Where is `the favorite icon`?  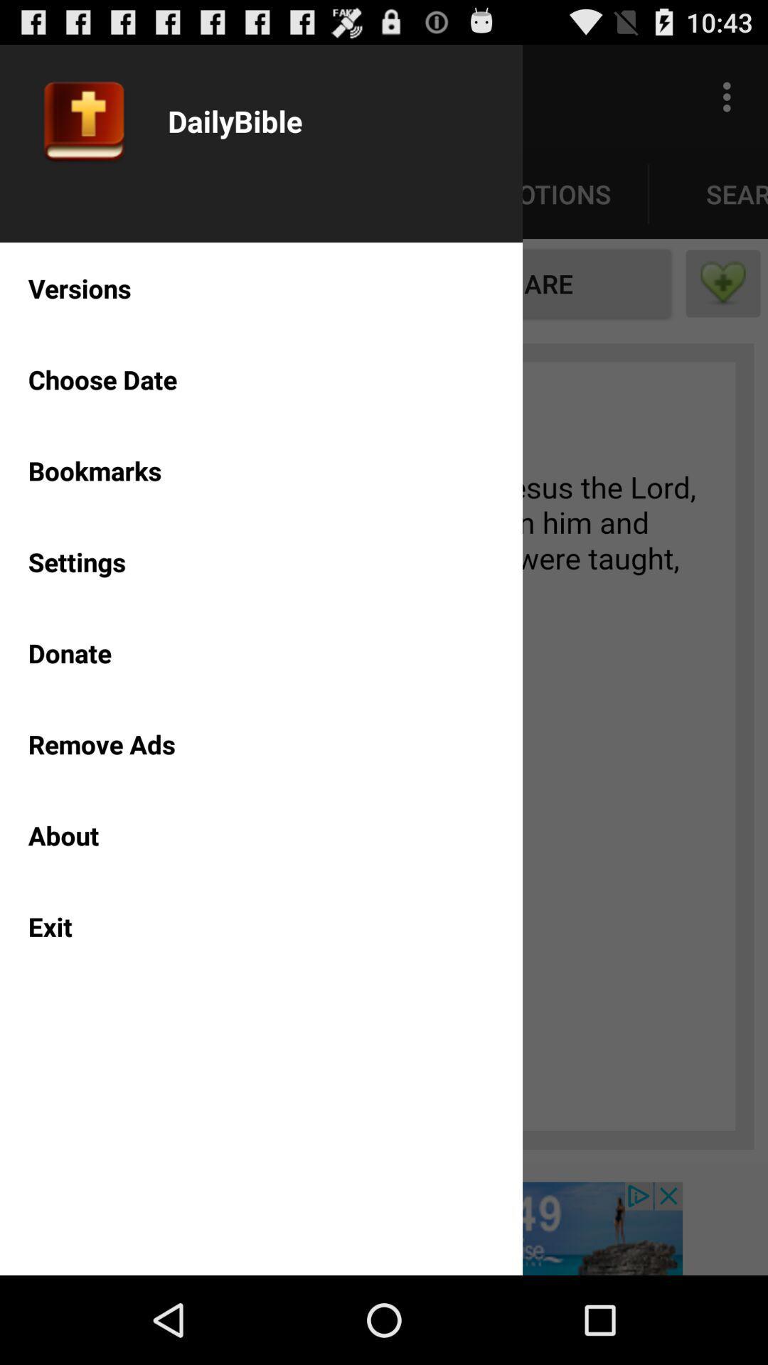
the favorite icon is located at coordinates (723, 303).